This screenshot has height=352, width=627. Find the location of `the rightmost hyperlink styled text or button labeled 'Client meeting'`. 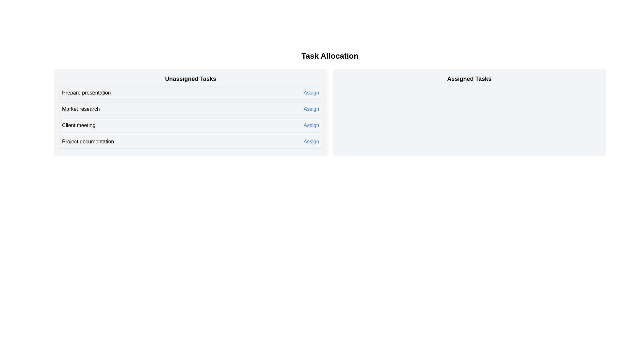

the rightmost hyperlink styled text or button labeled 'Client meeting' is located at coordinates (311, 125).